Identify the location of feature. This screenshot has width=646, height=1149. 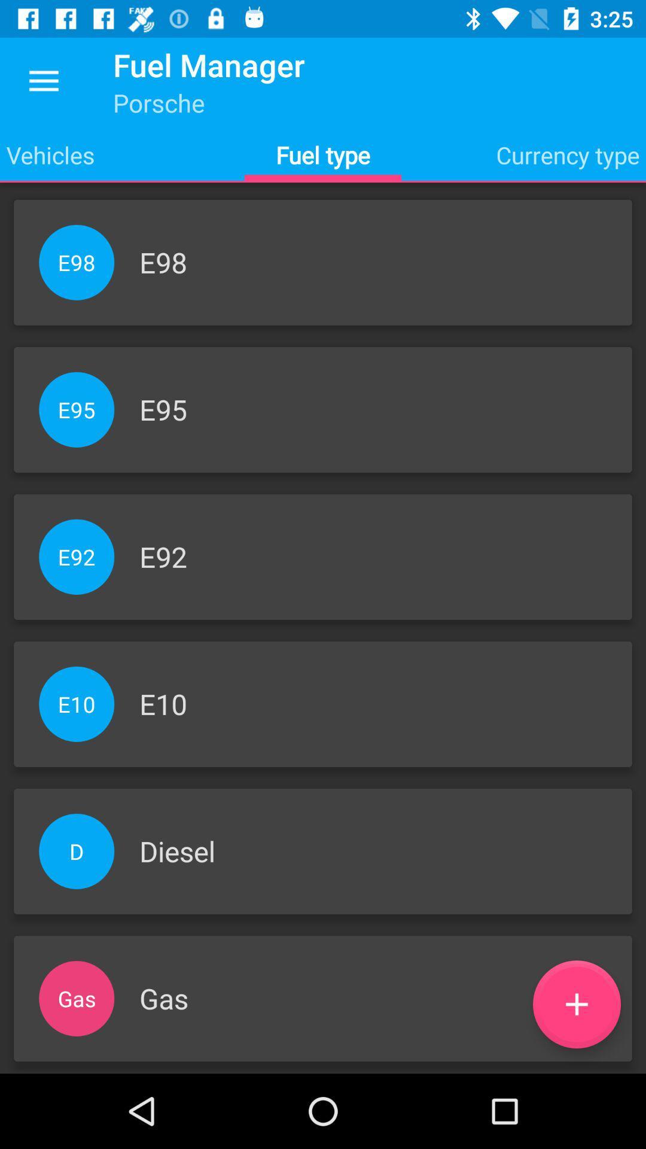
(576, 1004).